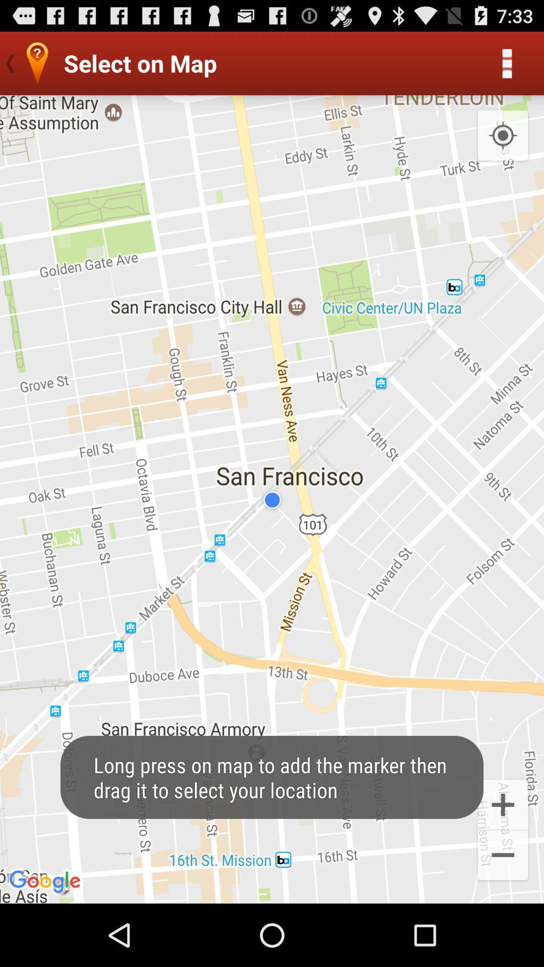 This screenshot has width=544, height=967. Describe the element at coordinates (503, 145) in the screenshot. I see `the location_crosshair icon` at that location.